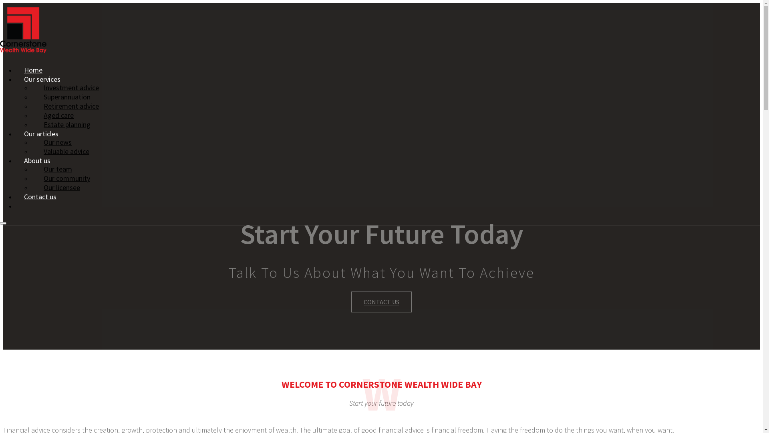 The width and height of the screenshot is (769, 433). Describe the element at coordinates (42, 79) in the screenshot. I see `'Our services'` at that location.